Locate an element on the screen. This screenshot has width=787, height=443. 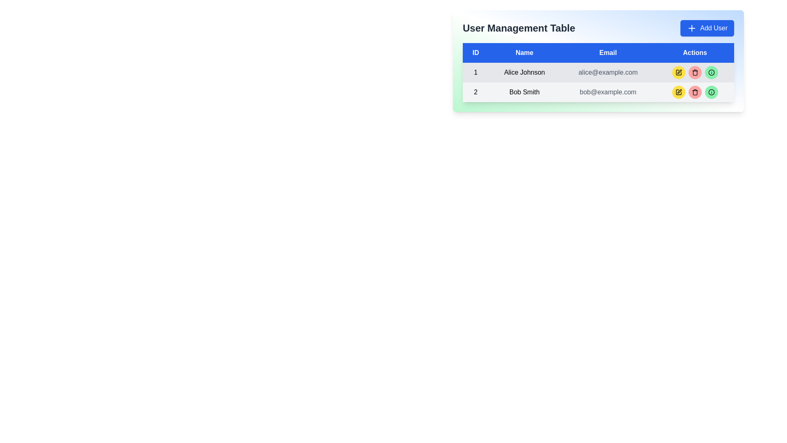
the text label displaying 'Alice Johnson', located in the second column of the first row of the user management table is located at coordinates (524, 72).